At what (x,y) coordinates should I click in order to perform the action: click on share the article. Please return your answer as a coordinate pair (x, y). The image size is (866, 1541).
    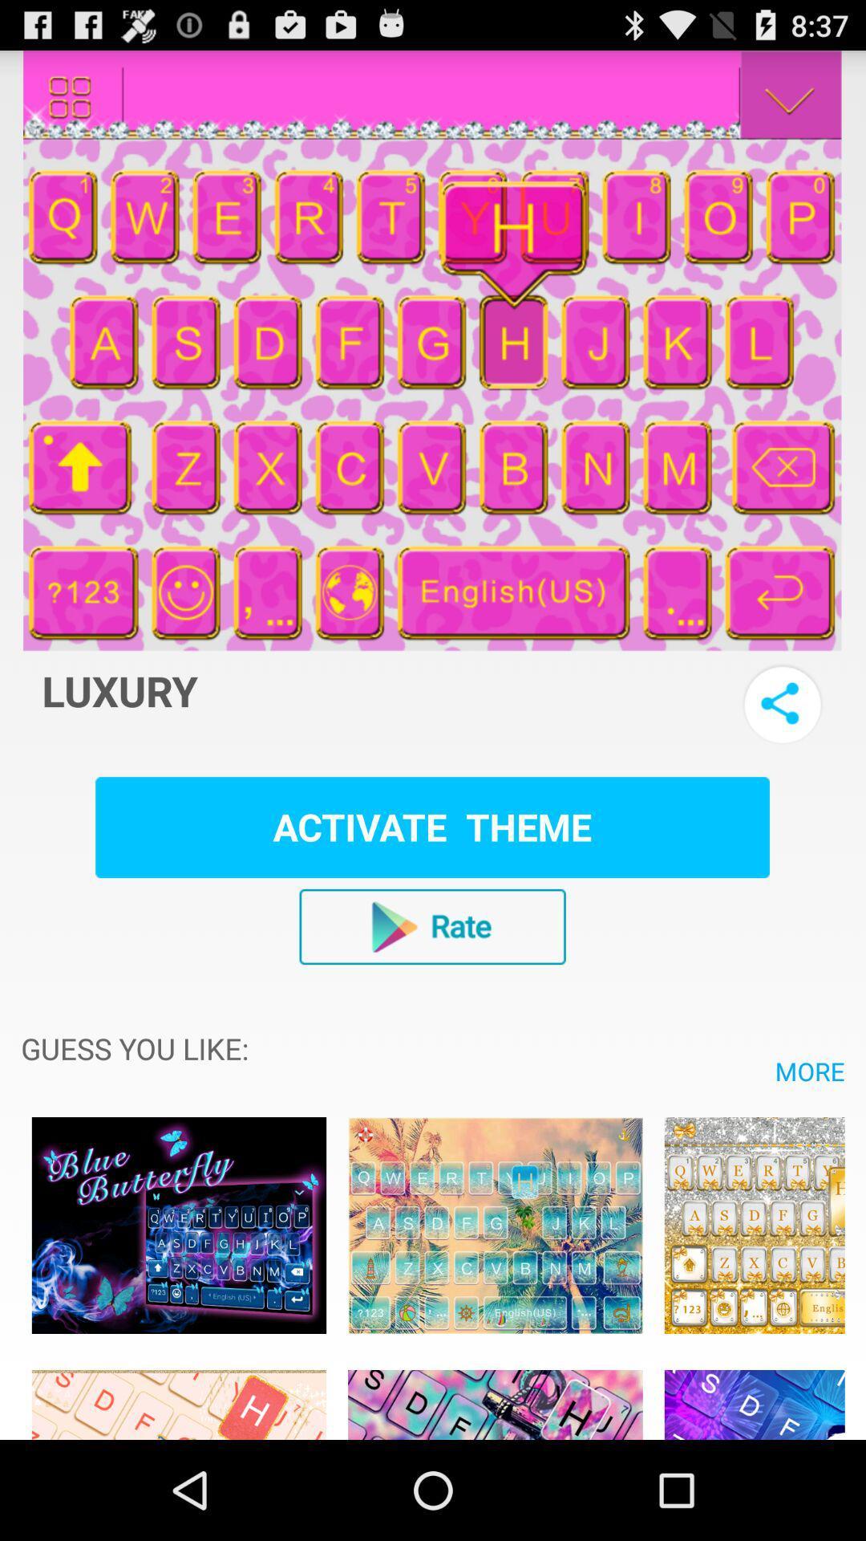
    Looking at the image, I should click on (782, 704).